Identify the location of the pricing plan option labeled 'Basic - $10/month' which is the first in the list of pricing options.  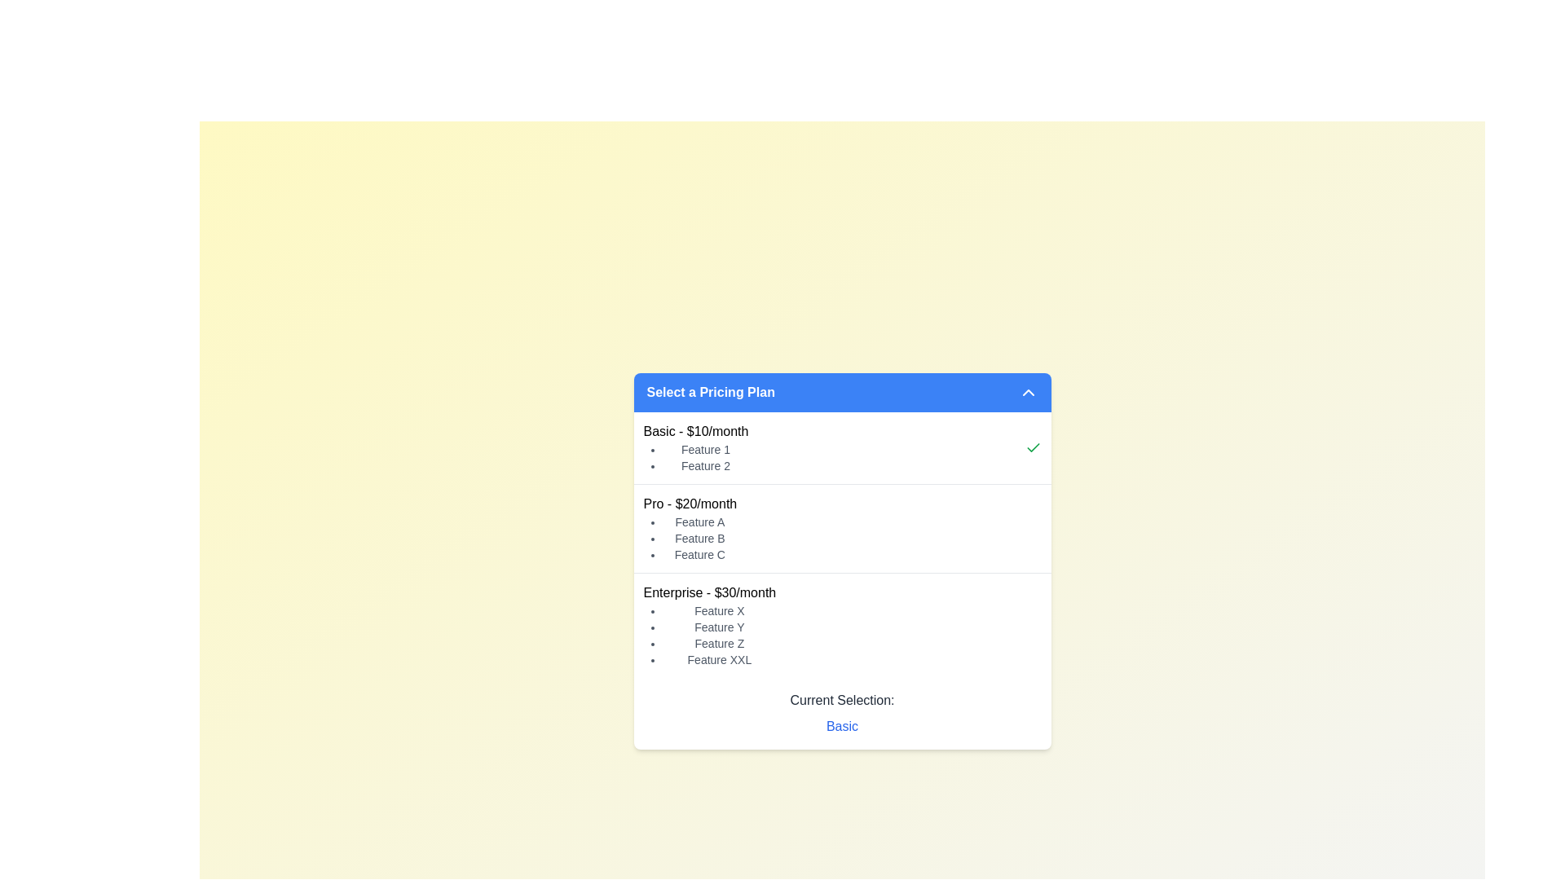
(842, 448).